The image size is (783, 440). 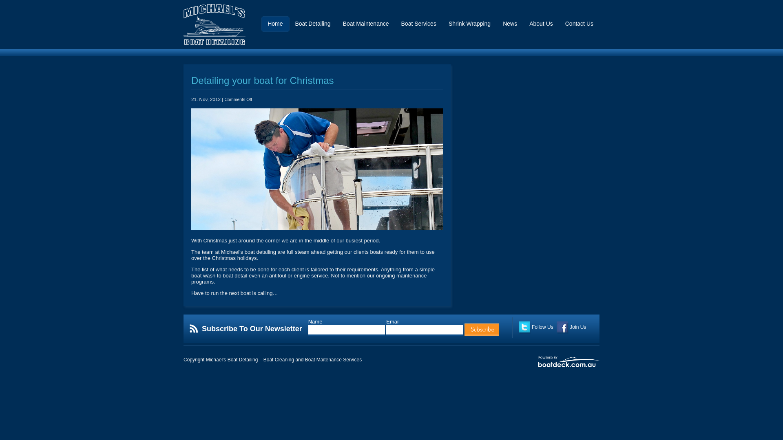 I want to click on 'Facebook page', so click(x=562, y=327).